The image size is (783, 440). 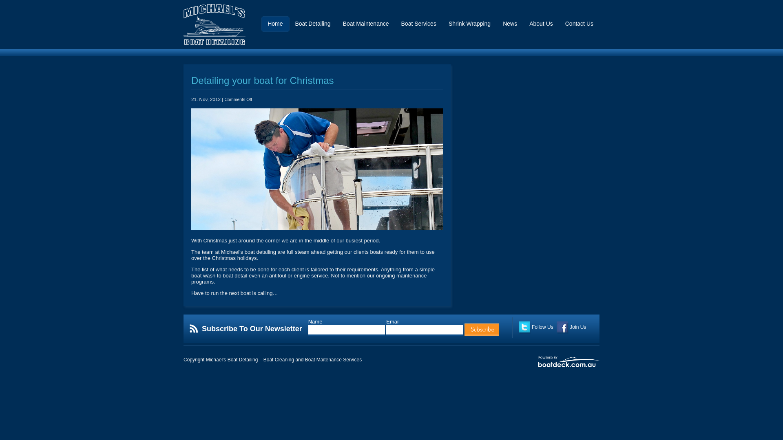 I want to click on 'Facebook page', so click(x=562, y=327).